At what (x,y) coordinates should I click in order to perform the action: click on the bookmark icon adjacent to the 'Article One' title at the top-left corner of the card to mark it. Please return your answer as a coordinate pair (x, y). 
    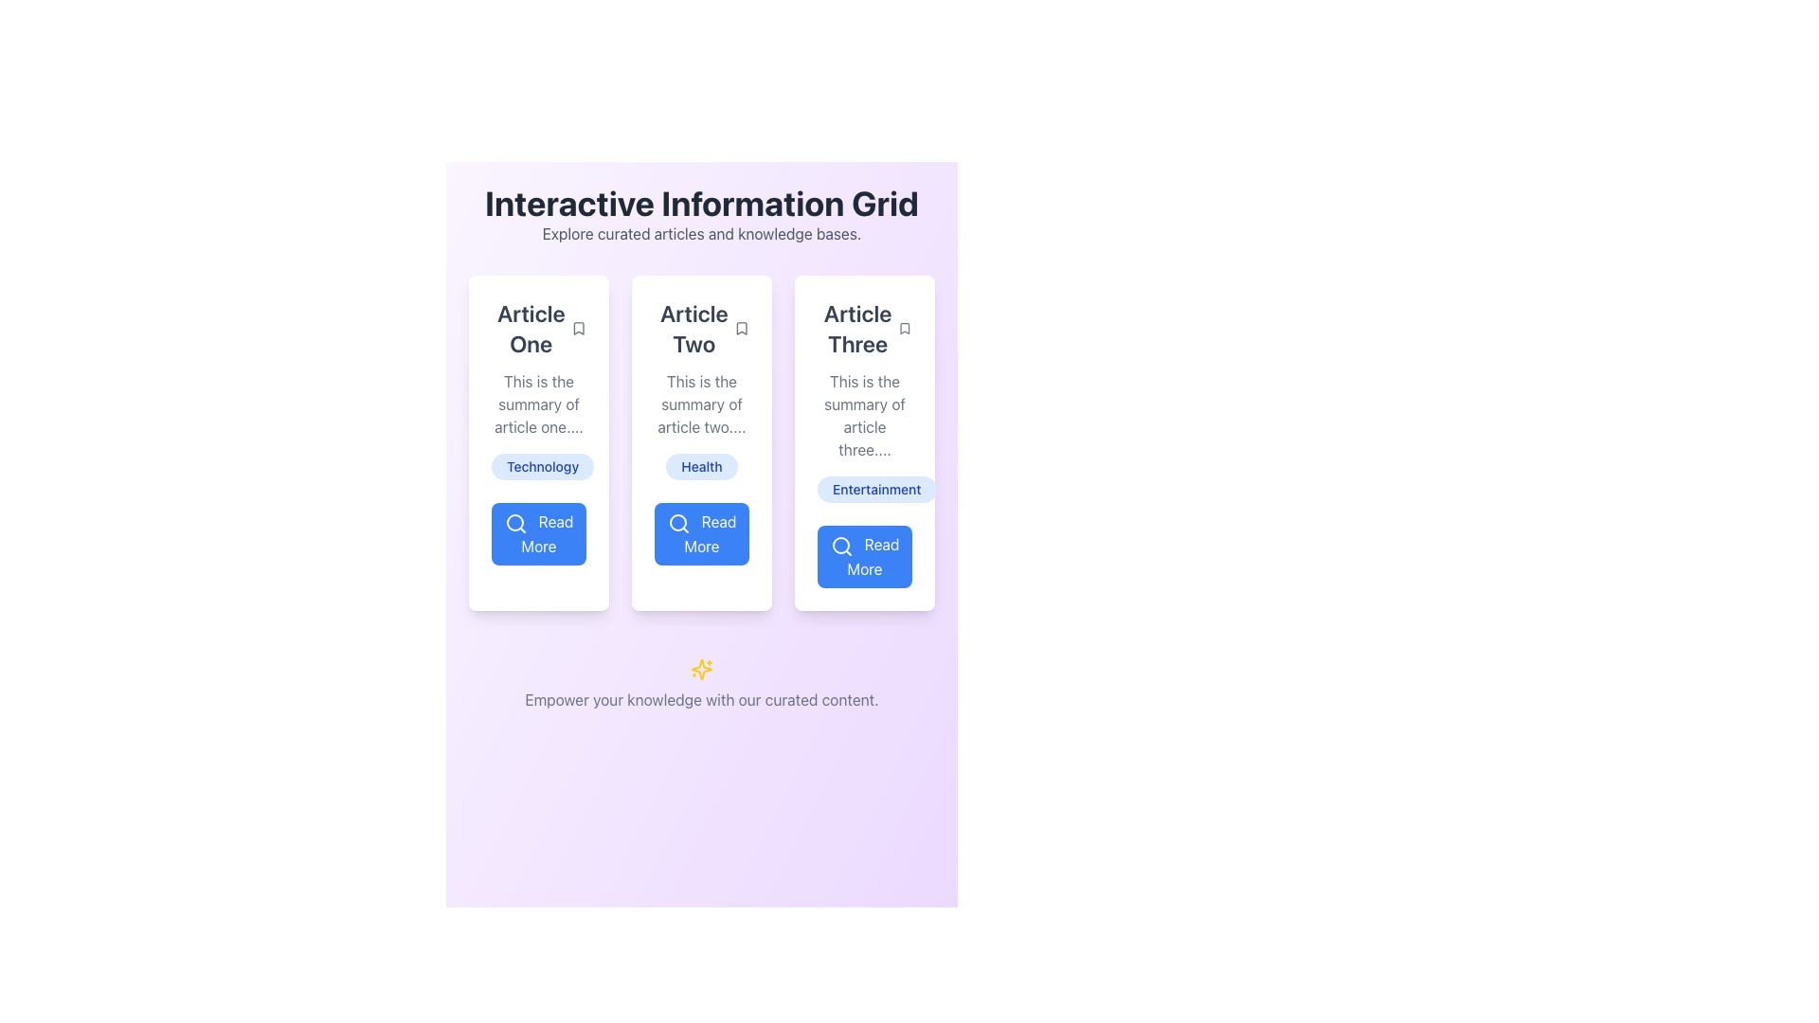
    Looking at the image, I should click on (538, 328).